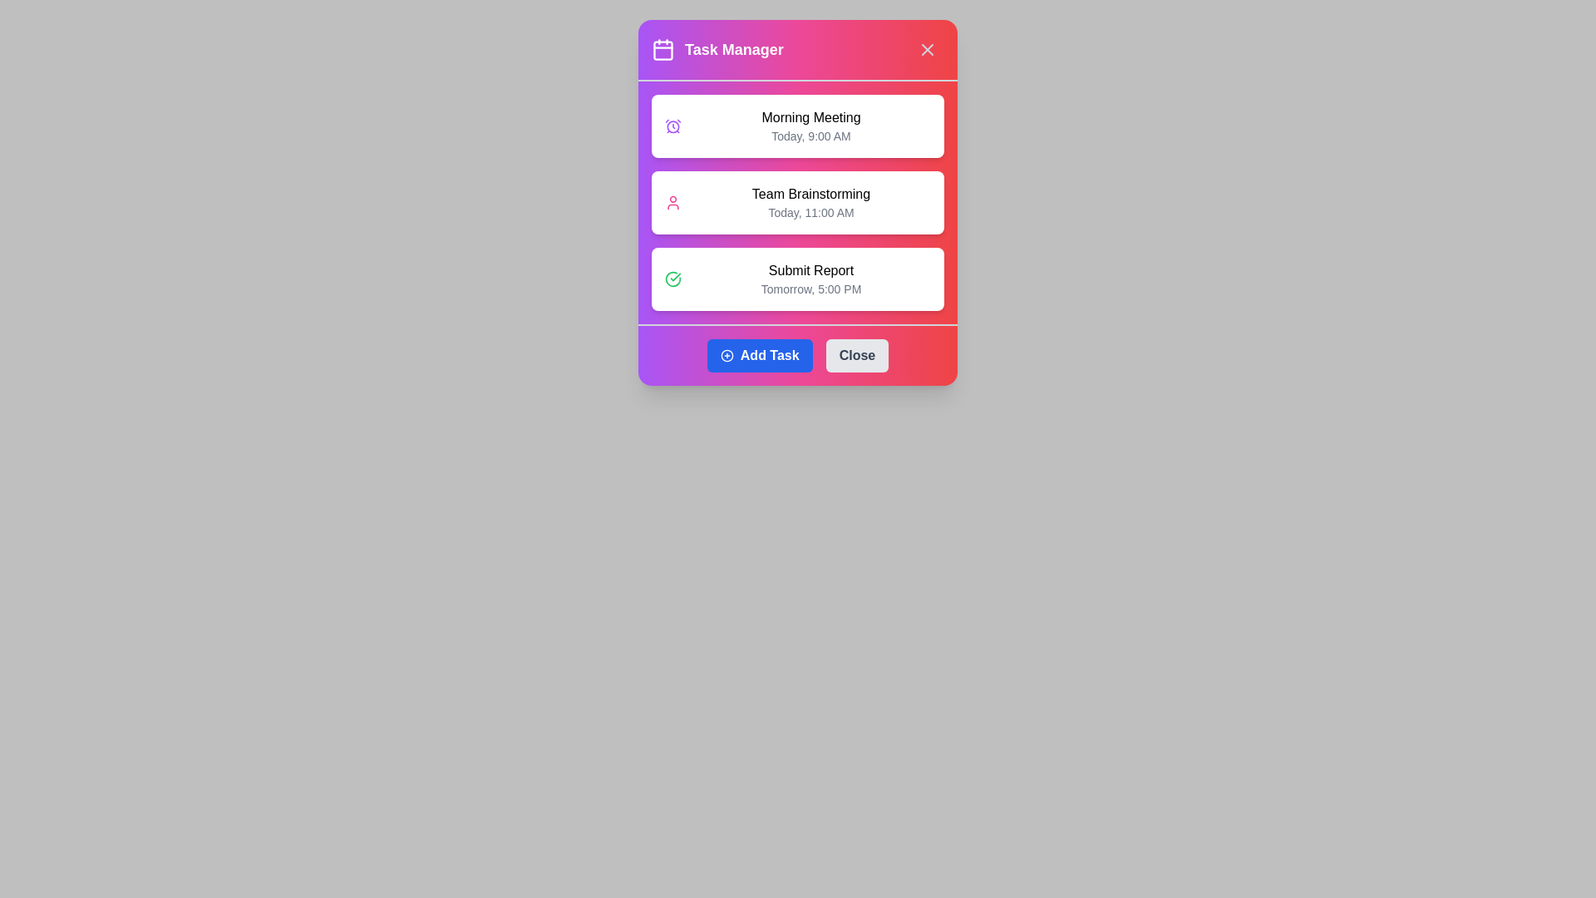 The image size is (1596, 898). What do you see at coordinates (857, 355) in the screenshot?
I see `the close button located in the lower-right portion of the modal, which is the second button in a horizontal row of buttons, immediately to the right of the 'Add Task' button` at bounding box center [857, 355].